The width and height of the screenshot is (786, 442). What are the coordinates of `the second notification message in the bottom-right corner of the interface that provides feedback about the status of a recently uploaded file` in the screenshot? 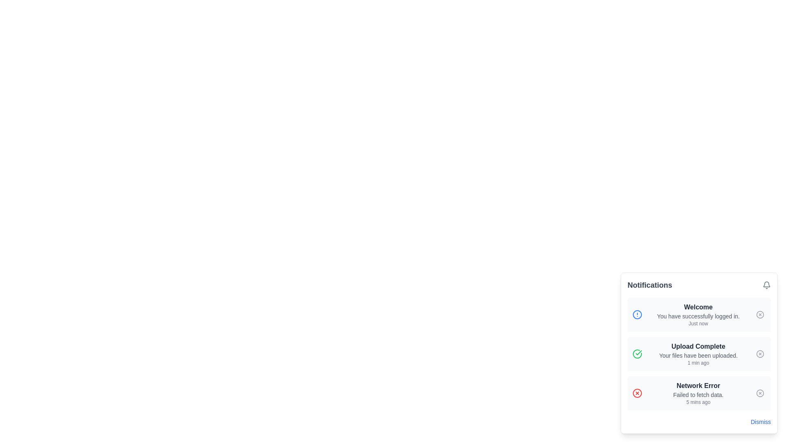 It's located at (698, 353).